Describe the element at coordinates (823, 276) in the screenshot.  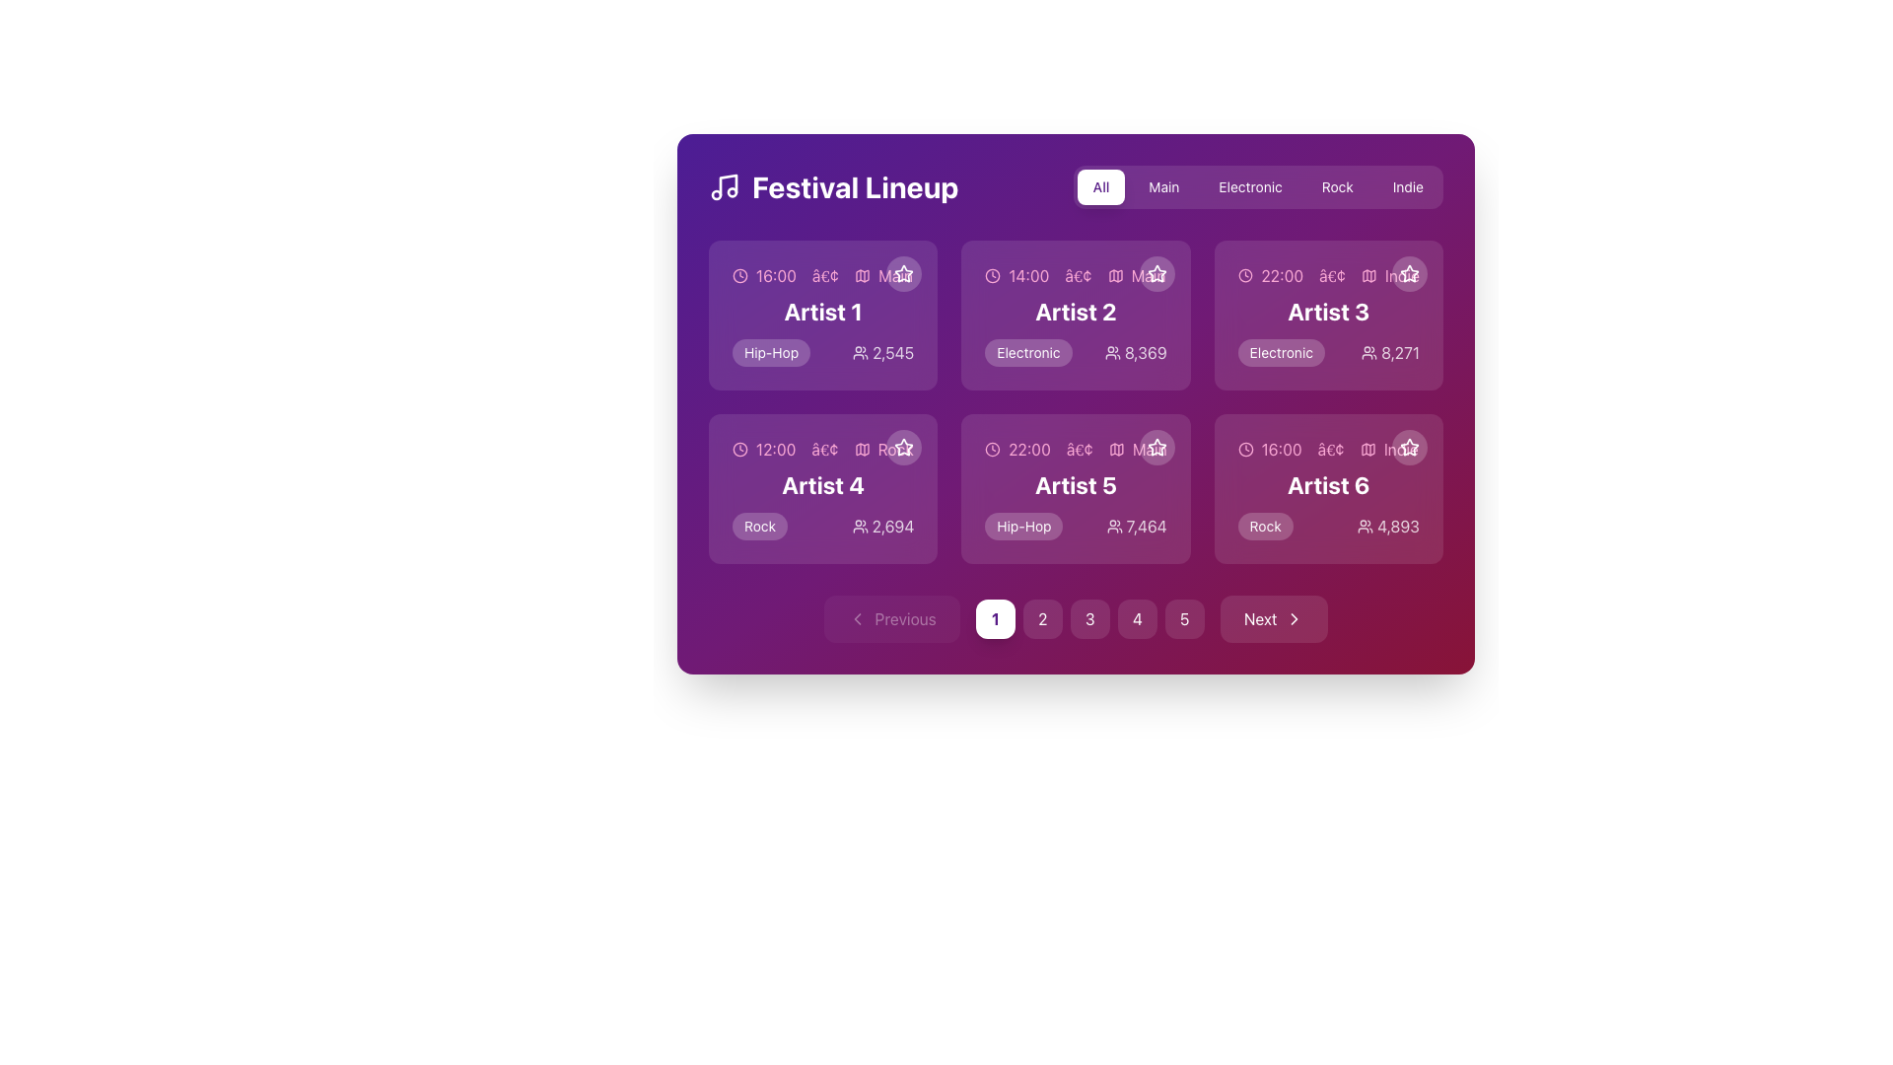
I see `text displayed in the Label with icon and text for 'Artist 1', located in the top-left corner of the grid display` at that location.